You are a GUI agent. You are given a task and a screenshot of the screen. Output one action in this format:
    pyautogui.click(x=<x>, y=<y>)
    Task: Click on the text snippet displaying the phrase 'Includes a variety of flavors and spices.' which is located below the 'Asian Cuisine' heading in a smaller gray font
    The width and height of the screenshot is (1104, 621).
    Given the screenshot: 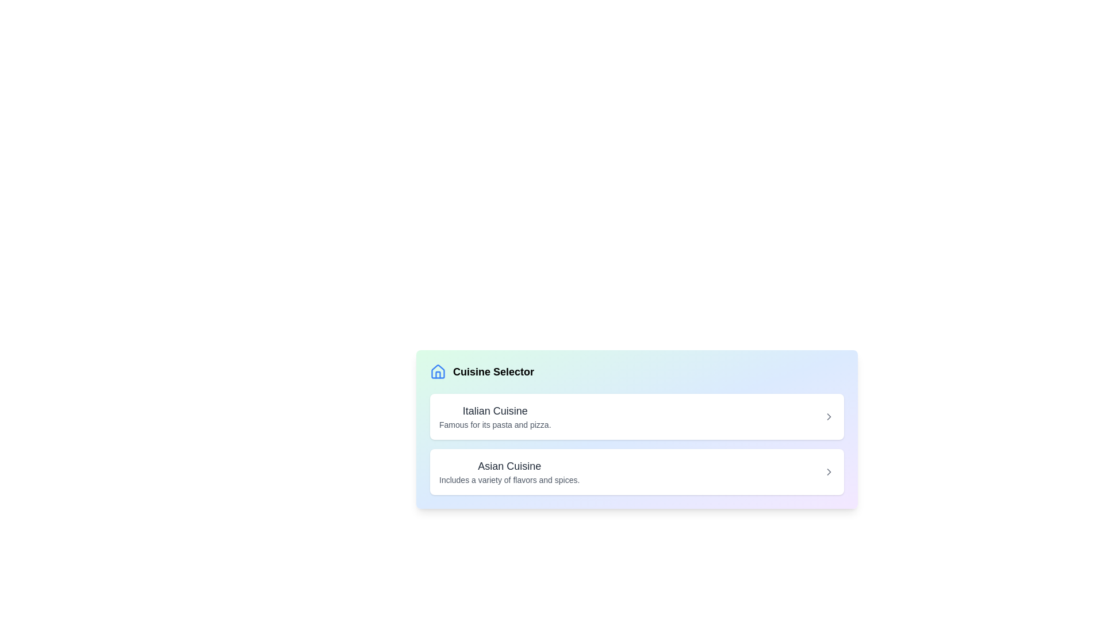 What is the action you would take?
    pyautogui.click(x=509, y=480)
    